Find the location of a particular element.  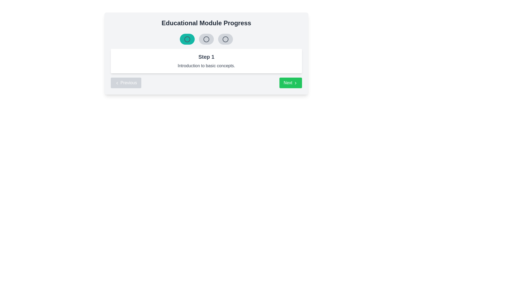

the middle vector graphic circle in the progress indicator row is located at coordinates (206, 39).